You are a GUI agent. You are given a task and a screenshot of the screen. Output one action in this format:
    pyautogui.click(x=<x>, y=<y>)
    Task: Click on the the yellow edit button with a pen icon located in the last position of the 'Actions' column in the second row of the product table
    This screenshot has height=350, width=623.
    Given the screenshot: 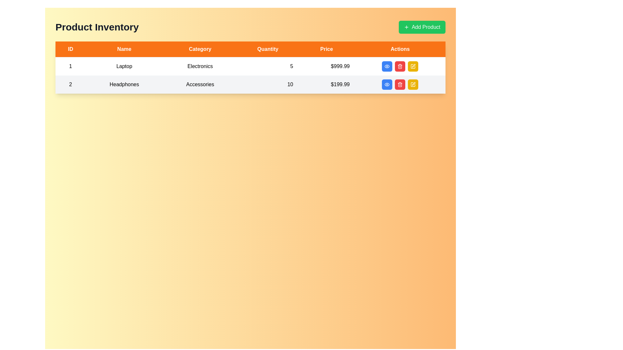 What is the action you would take?
    pyautogui.click(x=413, y=84)
    